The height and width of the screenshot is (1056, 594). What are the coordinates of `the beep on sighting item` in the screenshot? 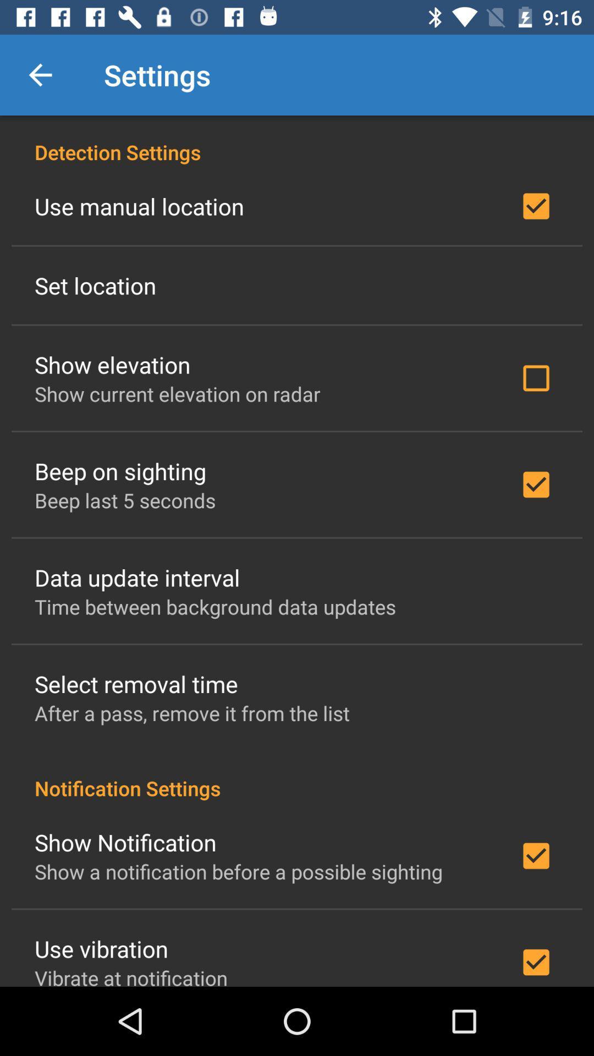 It's located at (120, 471).